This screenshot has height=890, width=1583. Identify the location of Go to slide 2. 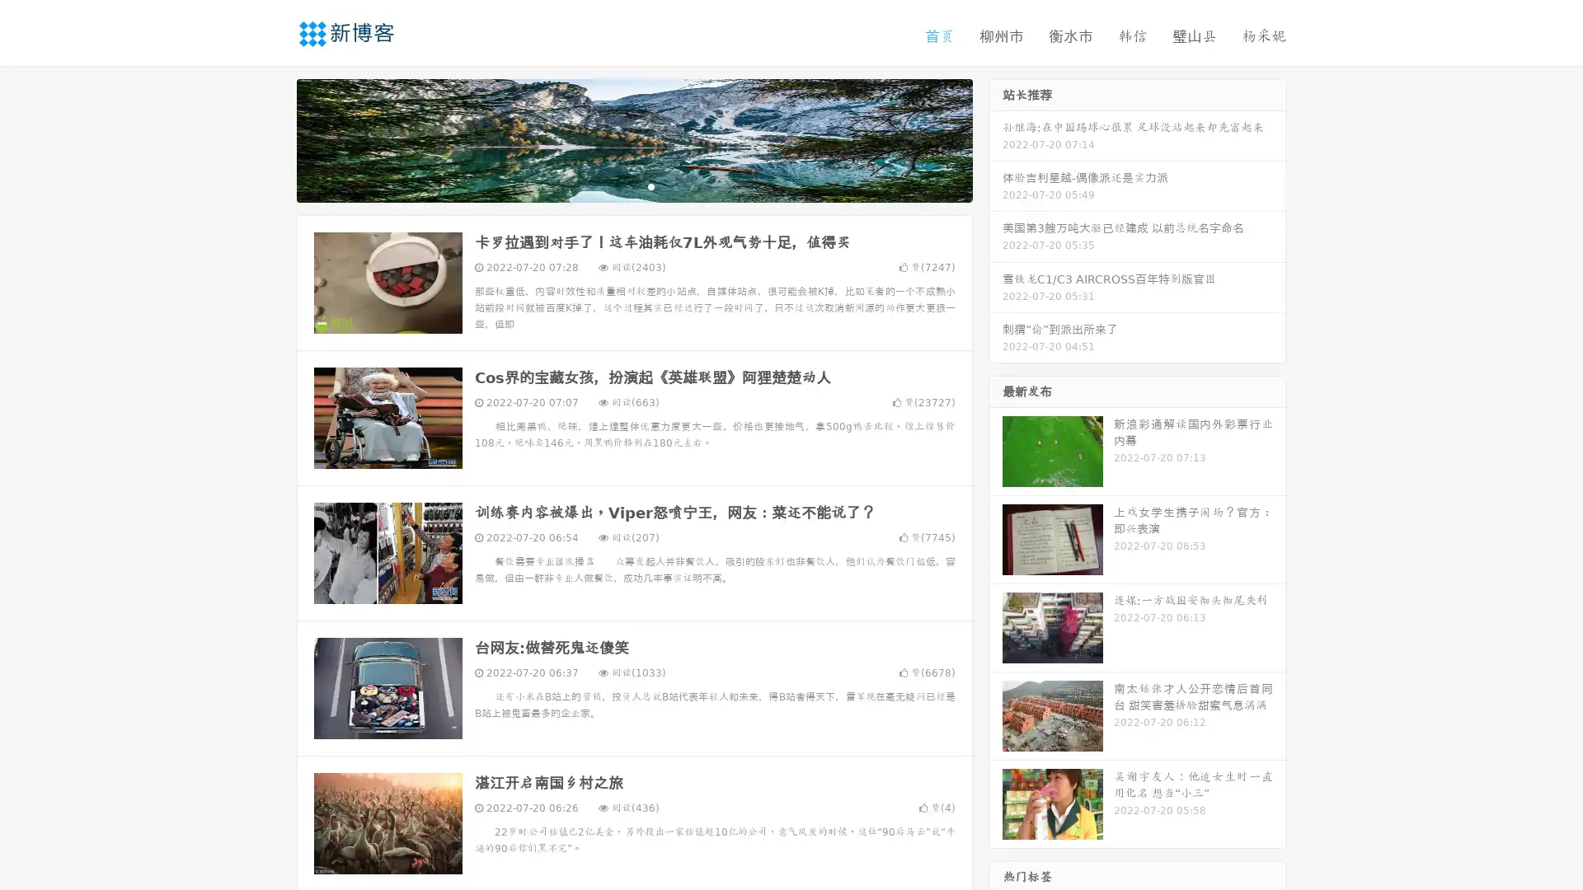
(633, 185).